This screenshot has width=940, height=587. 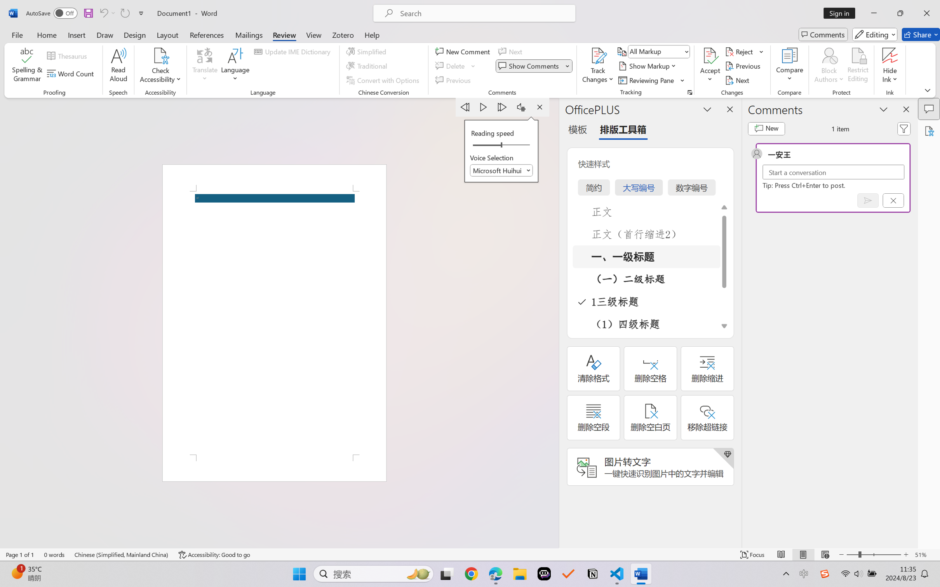 What do you see at coordinates (534, 66) in the screenshot?
I see `'Show Comments'` at bounding box center [534, 66].